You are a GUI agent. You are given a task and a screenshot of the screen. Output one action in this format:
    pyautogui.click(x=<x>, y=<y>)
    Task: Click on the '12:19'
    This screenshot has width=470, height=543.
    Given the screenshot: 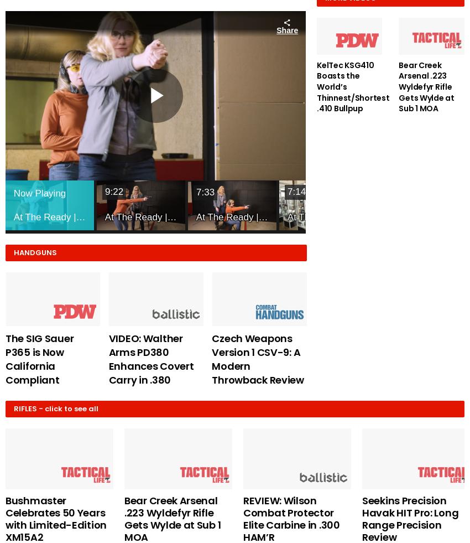 What is the action you would take?
    pyautogui.click(x=377, y=190)
    